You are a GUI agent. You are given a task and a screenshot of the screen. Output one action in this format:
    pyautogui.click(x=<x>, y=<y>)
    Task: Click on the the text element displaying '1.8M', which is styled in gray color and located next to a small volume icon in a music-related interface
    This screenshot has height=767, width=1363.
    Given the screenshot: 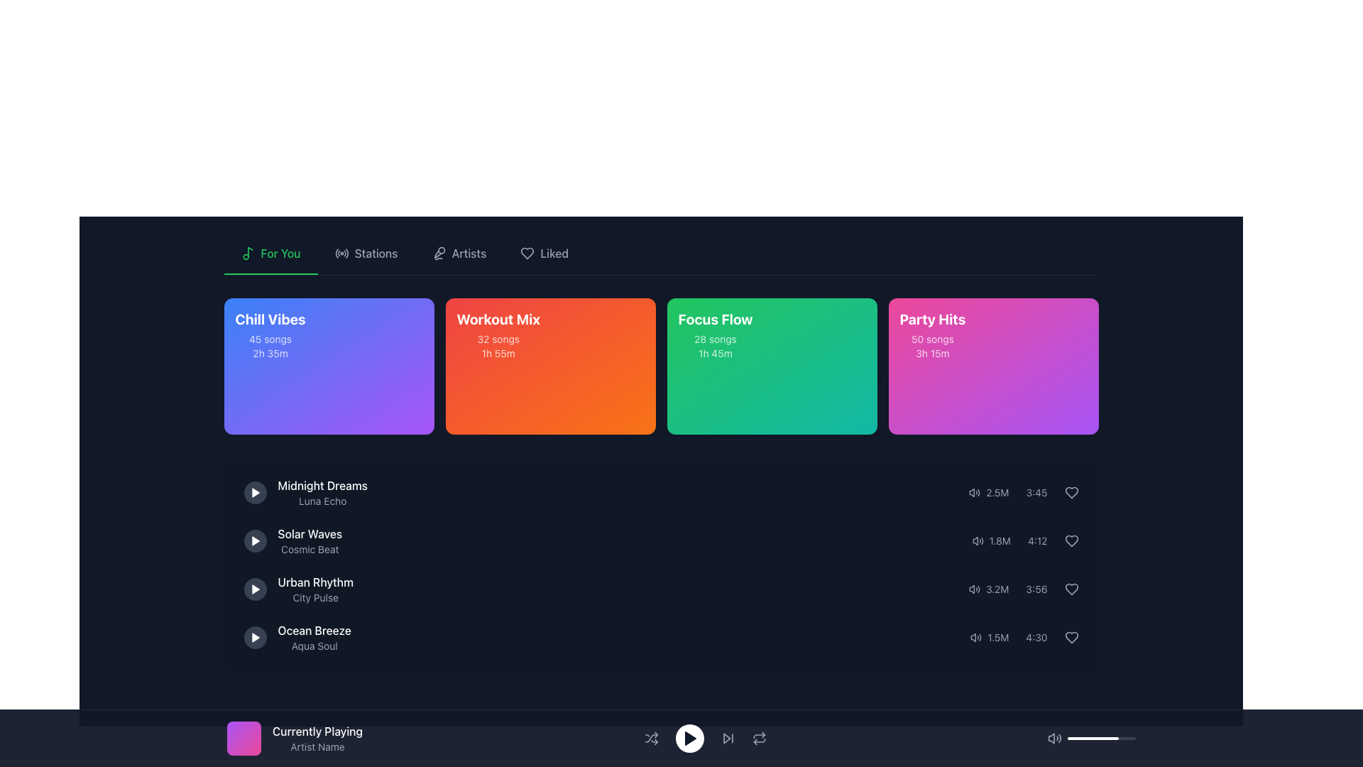 What is the action you would take?
    pyautogui.click(x=990, y=541)
    